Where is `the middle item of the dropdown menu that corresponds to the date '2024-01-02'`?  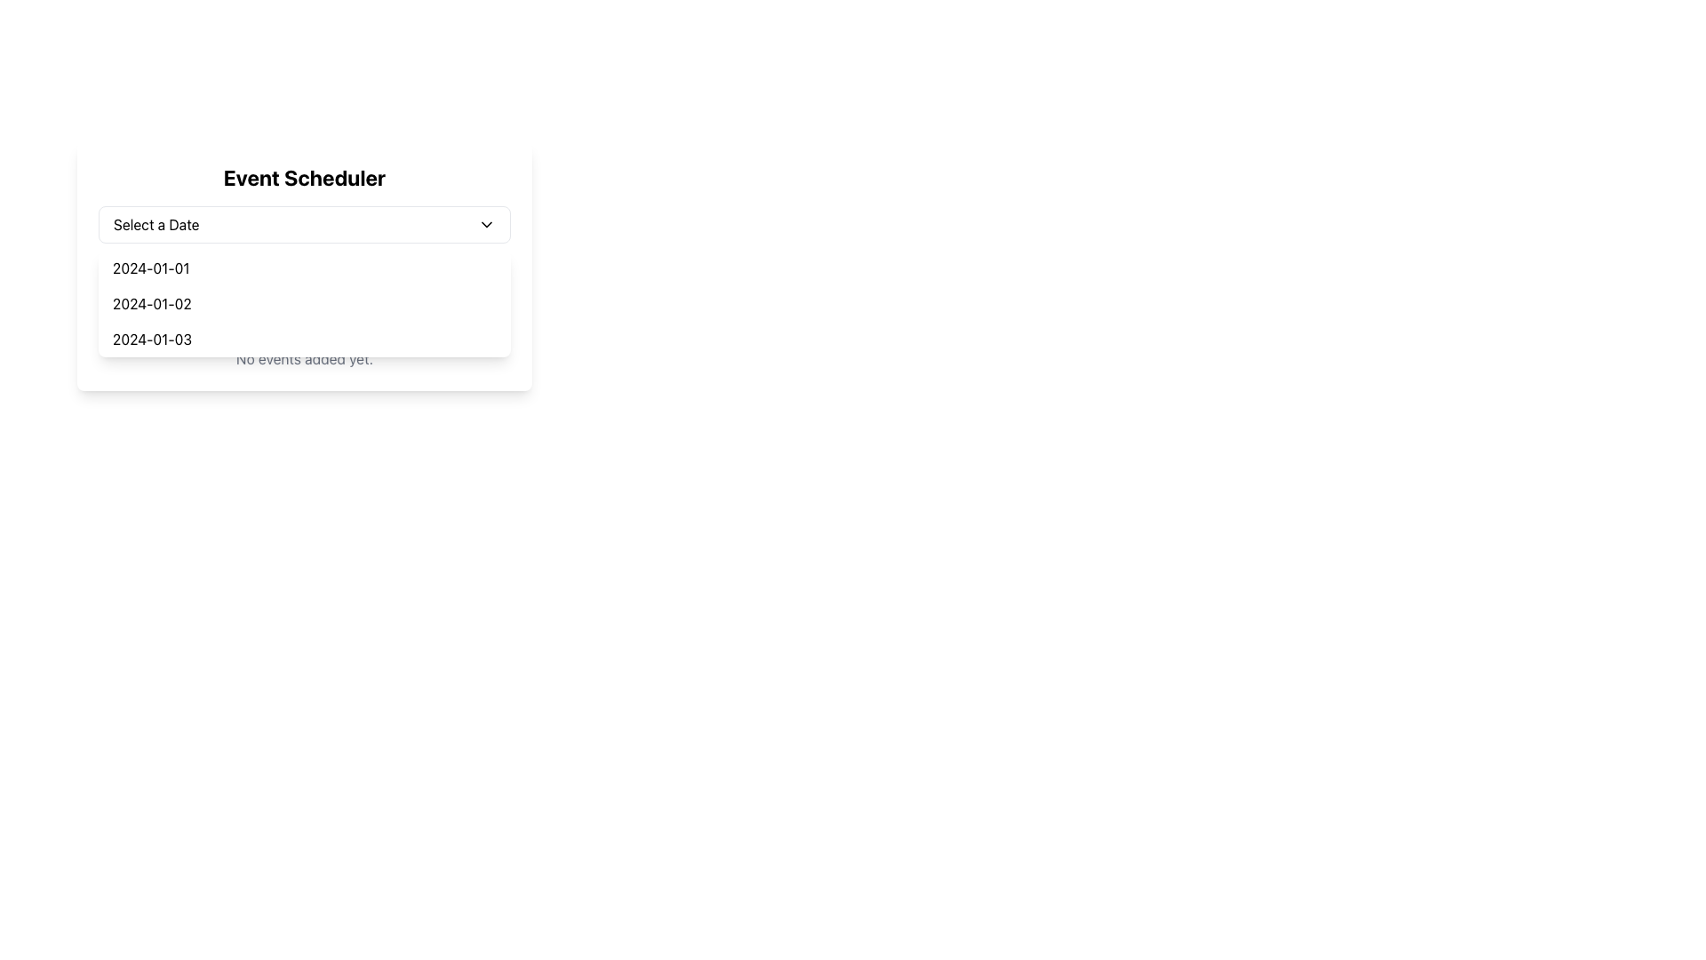
the middle item of the dropdown menu that corresponds to the date '2024-01-02' is located at coordinates (304, 303).